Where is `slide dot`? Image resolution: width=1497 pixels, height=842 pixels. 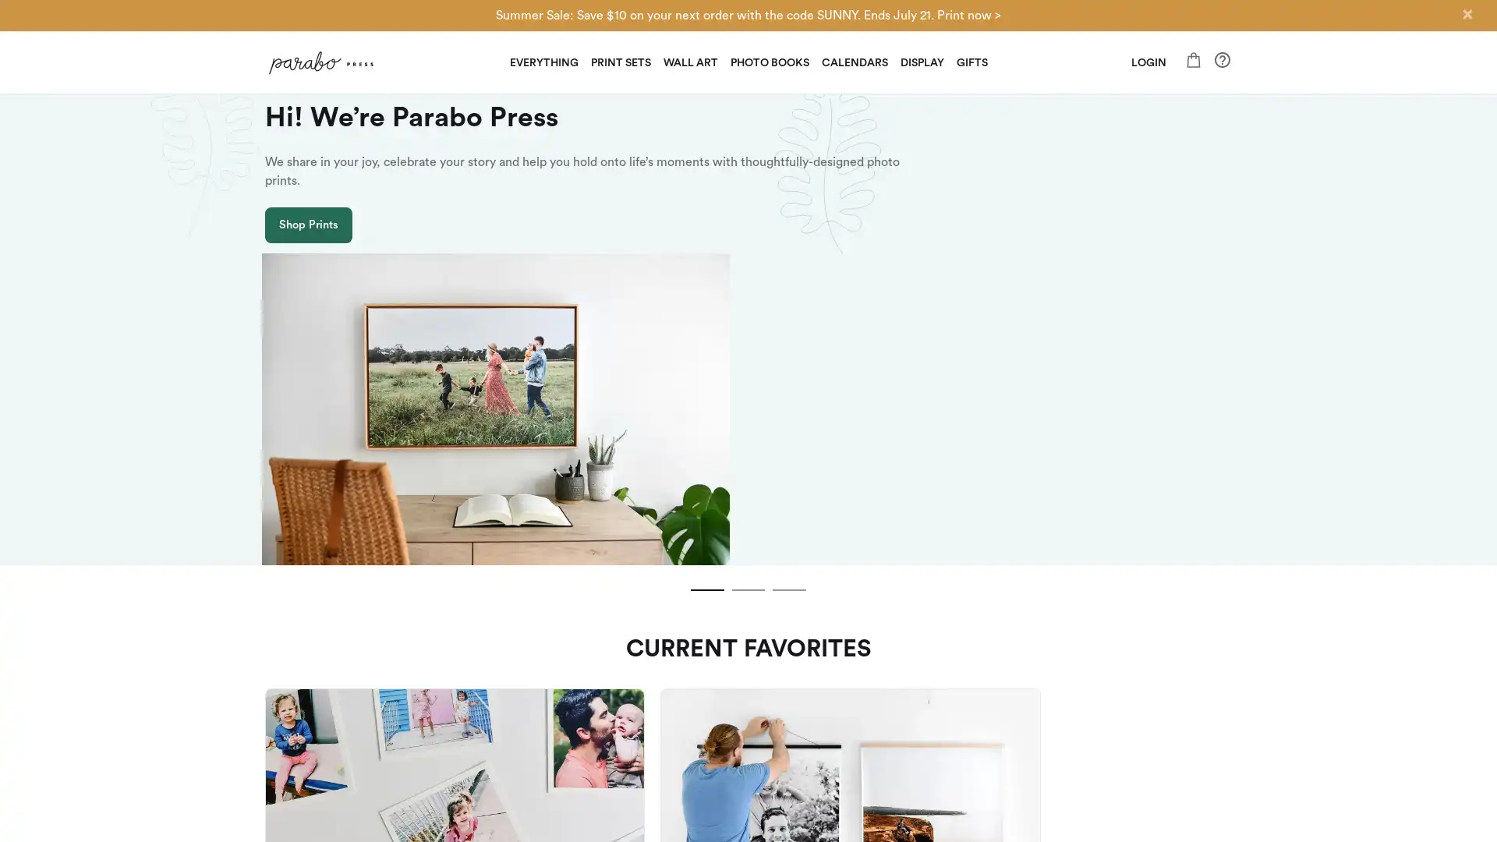
slide dot is located at coordinates (701, 430).